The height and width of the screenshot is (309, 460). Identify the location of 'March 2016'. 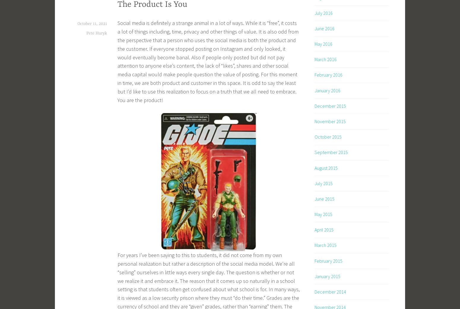
(325, 59).